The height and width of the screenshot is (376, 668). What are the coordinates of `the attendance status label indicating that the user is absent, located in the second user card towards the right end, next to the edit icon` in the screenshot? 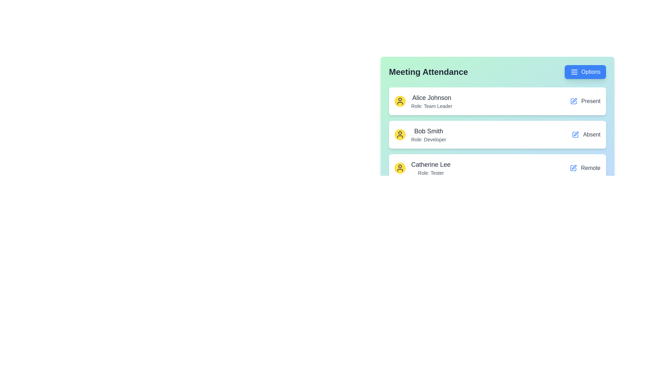 It's located at (586, 134).